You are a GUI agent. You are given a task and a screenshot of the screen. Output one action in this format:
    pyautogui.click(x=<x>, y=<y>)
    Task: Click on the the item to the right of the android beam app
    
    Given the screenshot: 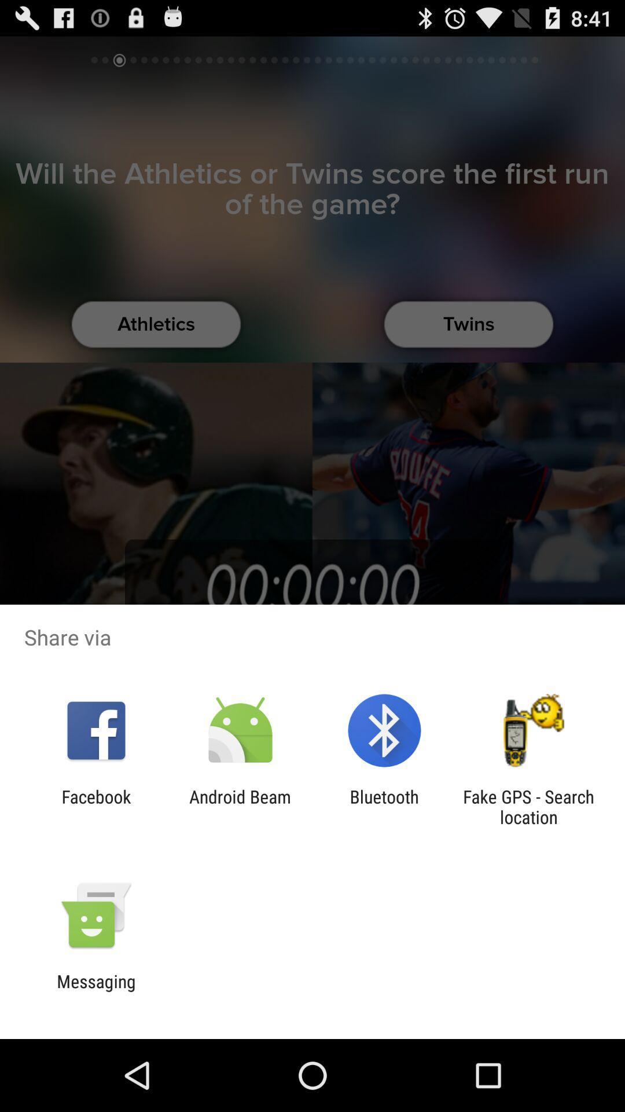 What is the action you would take?
    pyautogui.click(x=384, y=806)
    